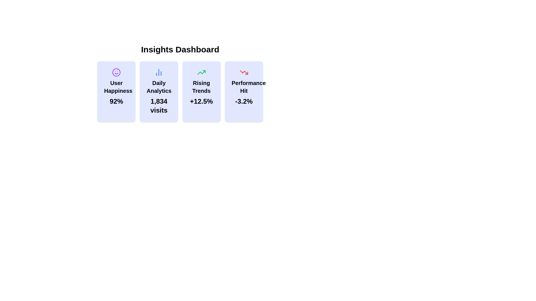 This screenshot has height=301, width=536. Describe the element at coordinates (116, 72) in the screenshot. I see `the circular base of the decorative smiley face icon located under the 'User Happiness 92%' label` at that location.